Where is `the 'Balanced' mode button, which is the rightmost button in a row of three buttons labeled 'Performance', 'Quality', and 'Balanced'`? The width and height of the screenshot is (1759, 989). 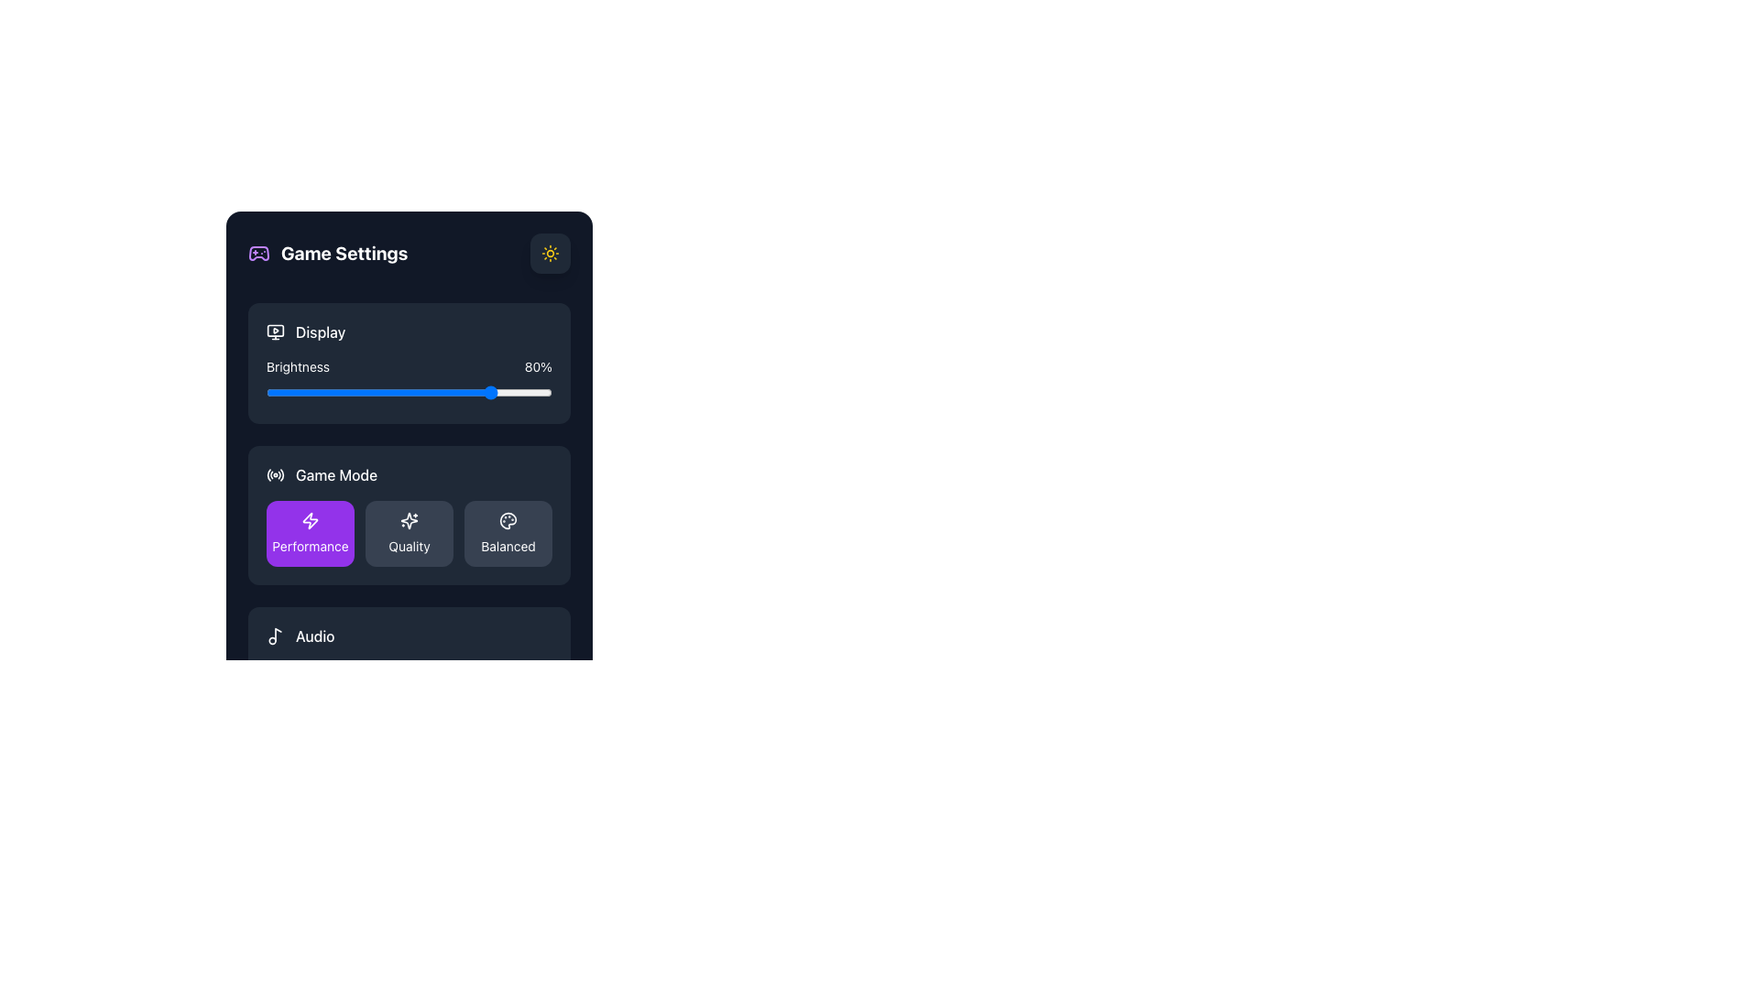
the 'Balanced' mode button, which is the rightmost button in a row of three buttons labeled 'Performance', 'Quality', and 'Balanced' is located at coordinates (508, 533).